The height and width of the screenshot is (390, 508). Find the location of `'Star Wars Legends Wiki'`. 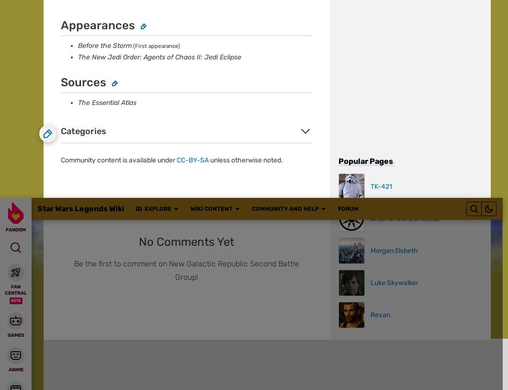

'Star Wars Legends Wiki' is located at coordinates (69, 280).